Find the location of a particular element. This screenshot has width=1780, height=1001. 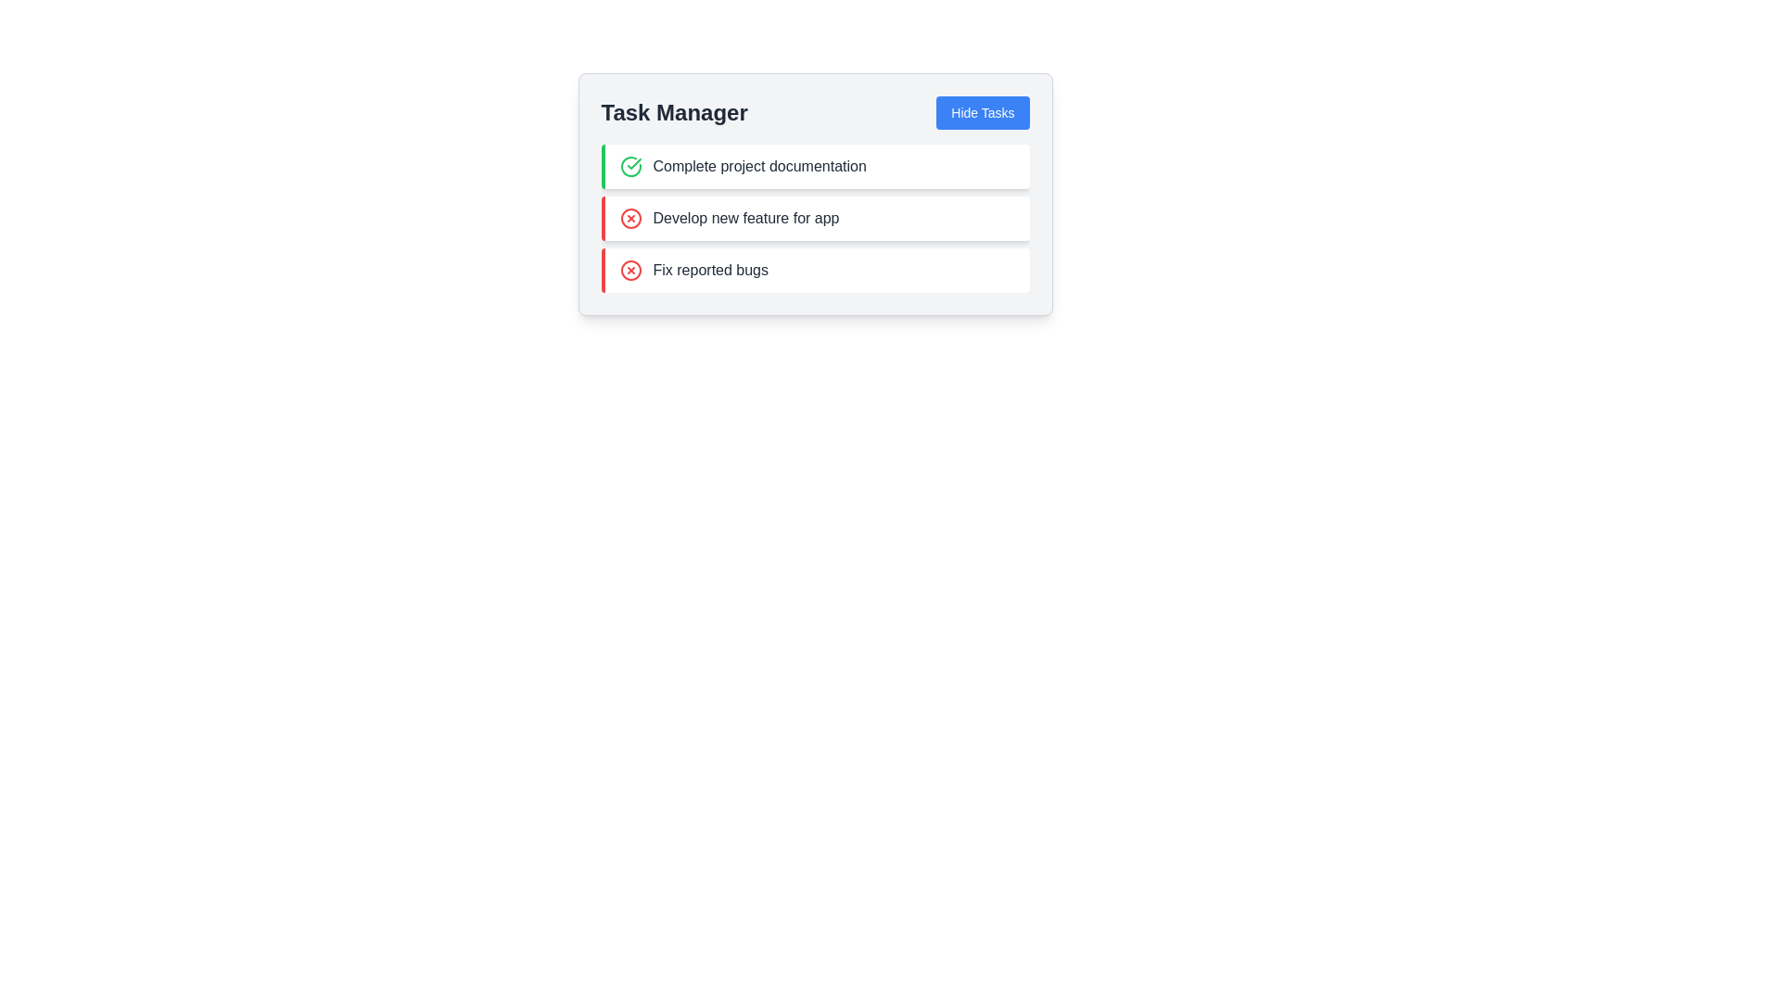

the error icon located to the left of the 'Fix reported bugs' text in the third row of tasks is located at coordinates (630, 271).